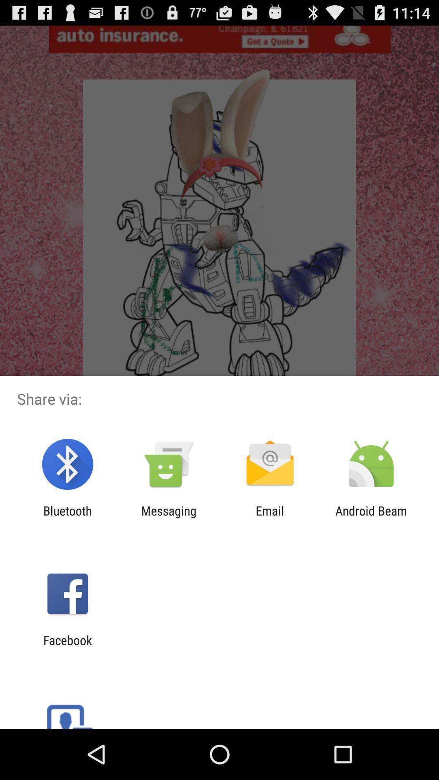 Image resolution: width=439 pixels, height=780 pixels. I want to click on the icon next to the messaging app, so click(270, 518).